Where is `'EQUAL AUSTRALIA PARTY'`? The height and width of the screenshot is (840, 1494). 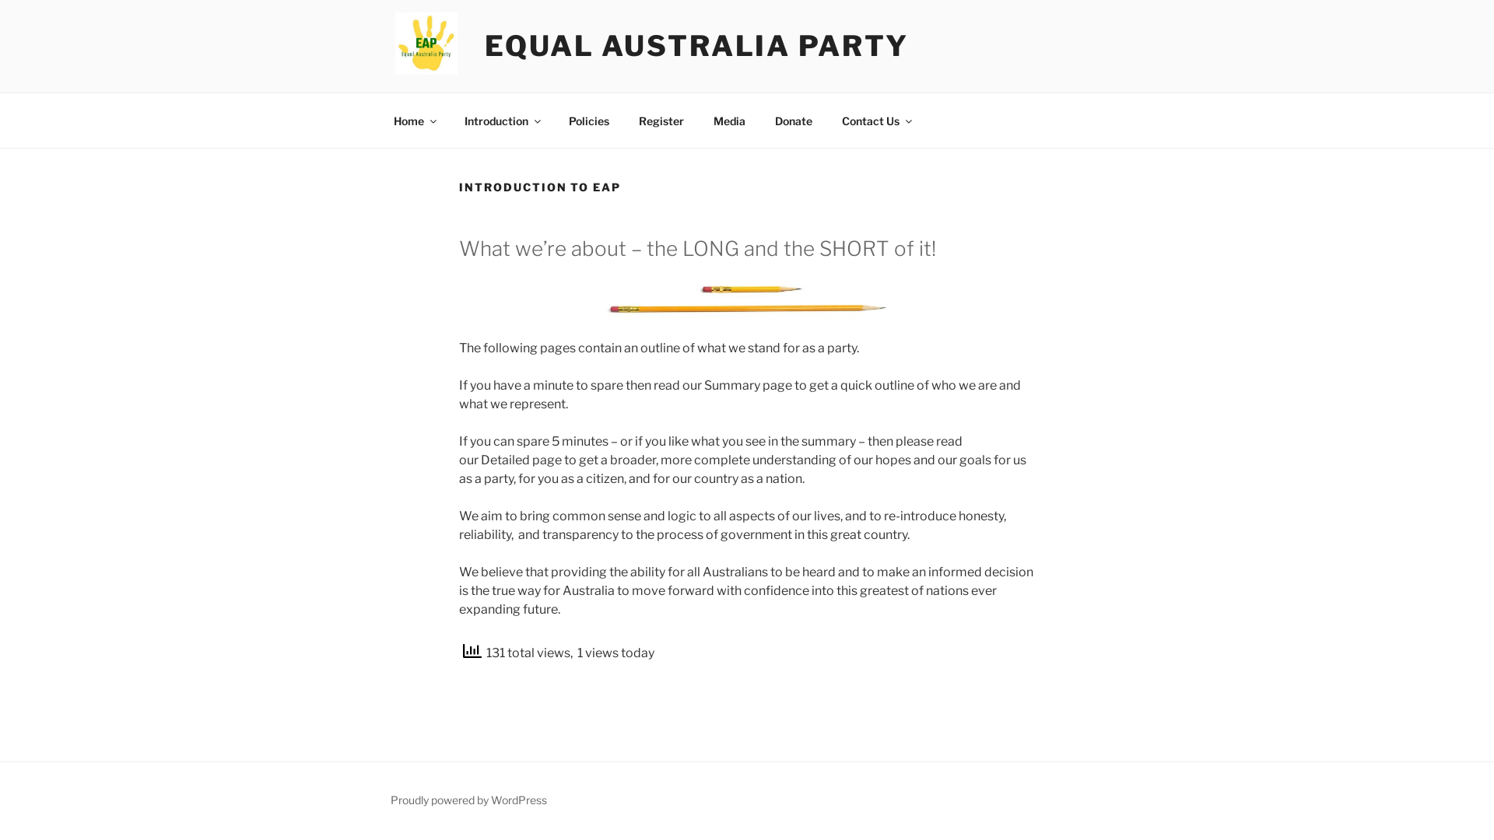
'EQUAL AUSTRALIA PARTY' is located at coordinates (695, 44).